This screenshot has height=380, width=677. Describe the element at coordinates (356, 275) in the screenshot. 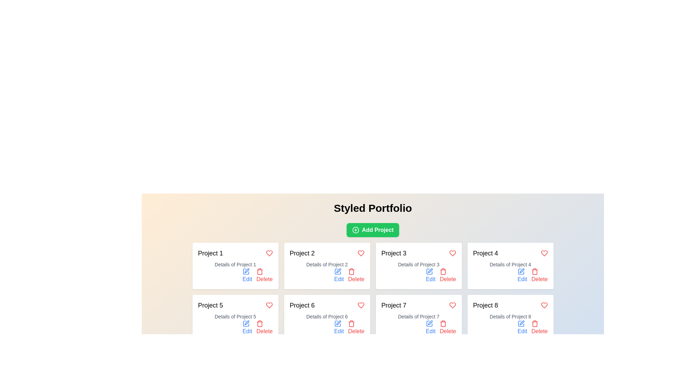

I see `the Delete button with icon and text located at the bottom-right of the card labeled 'Project 2'` at that location.